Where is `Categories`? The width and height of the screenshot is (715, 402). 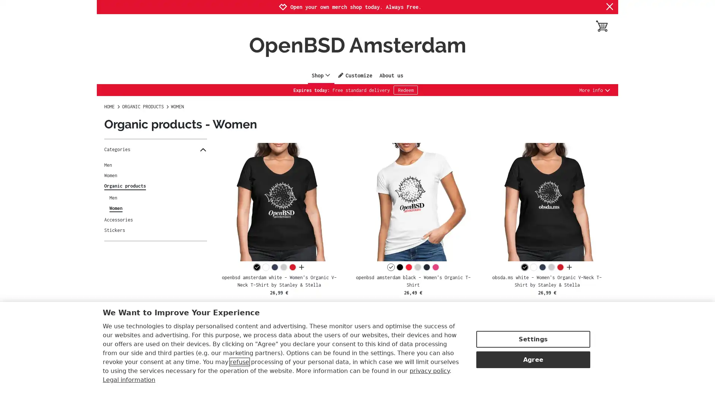
Categories is located at coordinates (155, 149).